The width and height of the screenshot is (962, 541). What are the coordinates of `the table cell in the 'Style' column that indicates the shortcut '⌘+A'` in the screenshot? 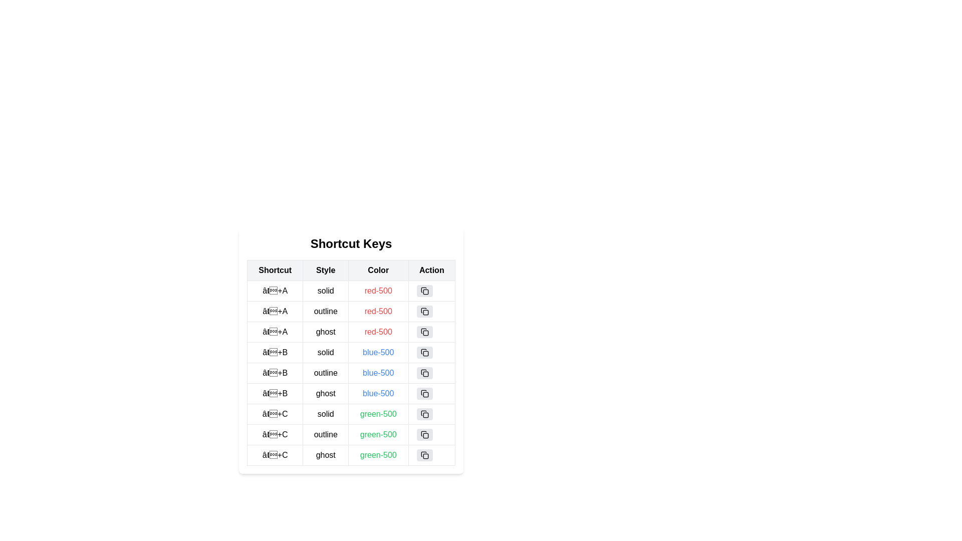 It's located at (326, 311).